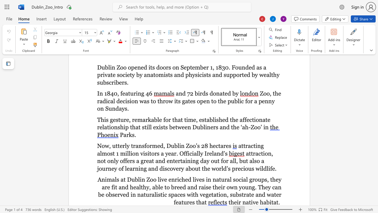 The width and height of the screenshot is (378, 213). What do you see at coordinates (247, 202) in the screenshot?
I see `the 1th character "a" in the text` at bounding box center [247, 202].